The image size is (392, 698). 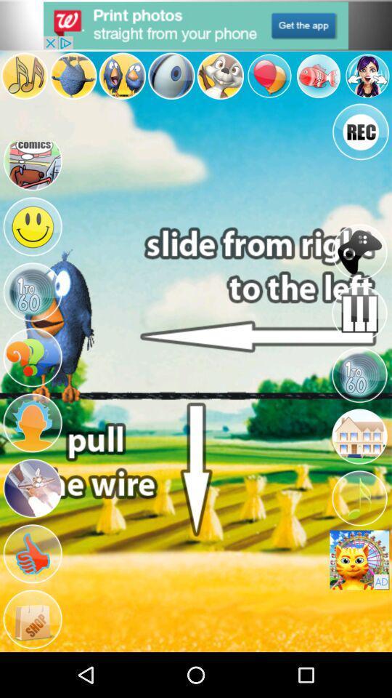 What do you see at coordinates (73, 76) in the screenshot?
I see `the second image in the first row` at bounding box center [73, 76].